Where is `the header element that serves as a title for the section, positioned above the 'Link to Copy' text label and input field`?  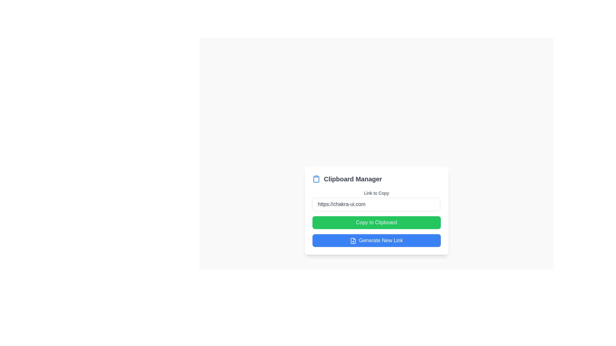
the header element that serves as a title for the section, positioned above the 'Link to Copy' text label and input field is located at coordinates (376, 179).